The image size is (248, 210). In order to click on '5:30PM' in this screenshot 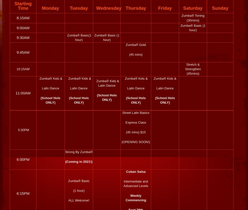, I will do `click(23, 130)`.